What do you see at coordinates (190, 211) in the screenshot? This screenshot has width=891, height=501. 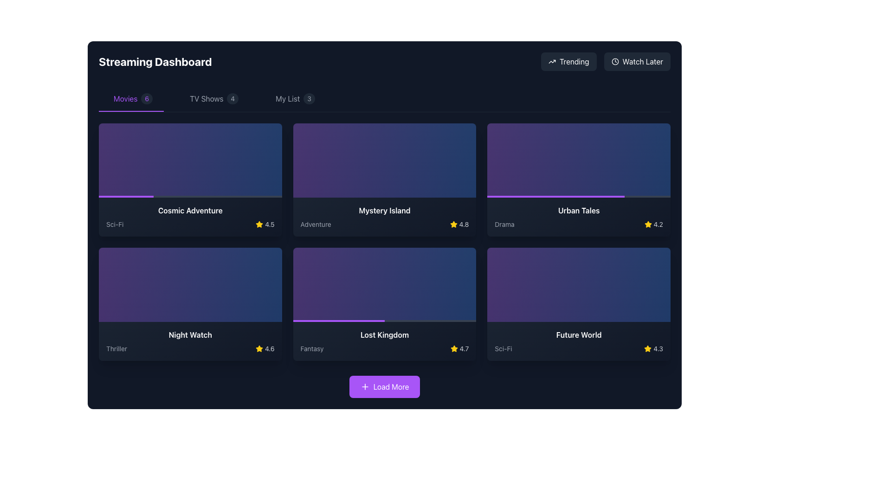 I see `text from the label displaying 'Cosmic Adventure' in bold white font, centrally aligned in the 'Movies' section, above genre and rating details` at bounding box center [190, 211].